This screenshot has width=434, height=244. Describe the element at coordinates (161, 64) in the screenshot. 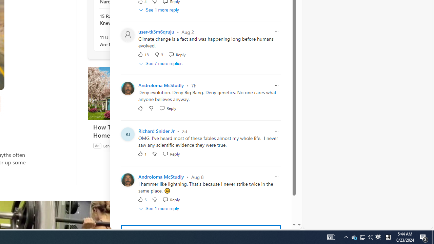

I see `'See 7 more replies'` at that location.